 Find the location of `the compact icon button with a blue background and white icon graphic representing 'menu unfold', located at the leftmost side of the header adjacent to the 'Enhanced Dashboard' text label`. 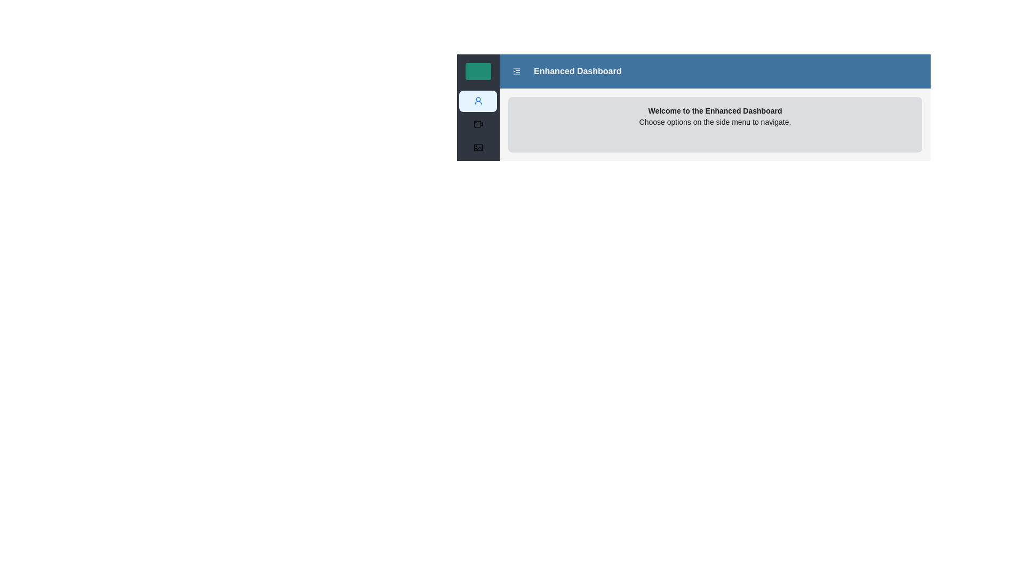

the compact icon button with a blue background and white icon graphic representing 'menu unfold', located at the leftmost side of the header adjacent to the 'Enhanced Dashboard' text label is located at coordinates (517, 71).